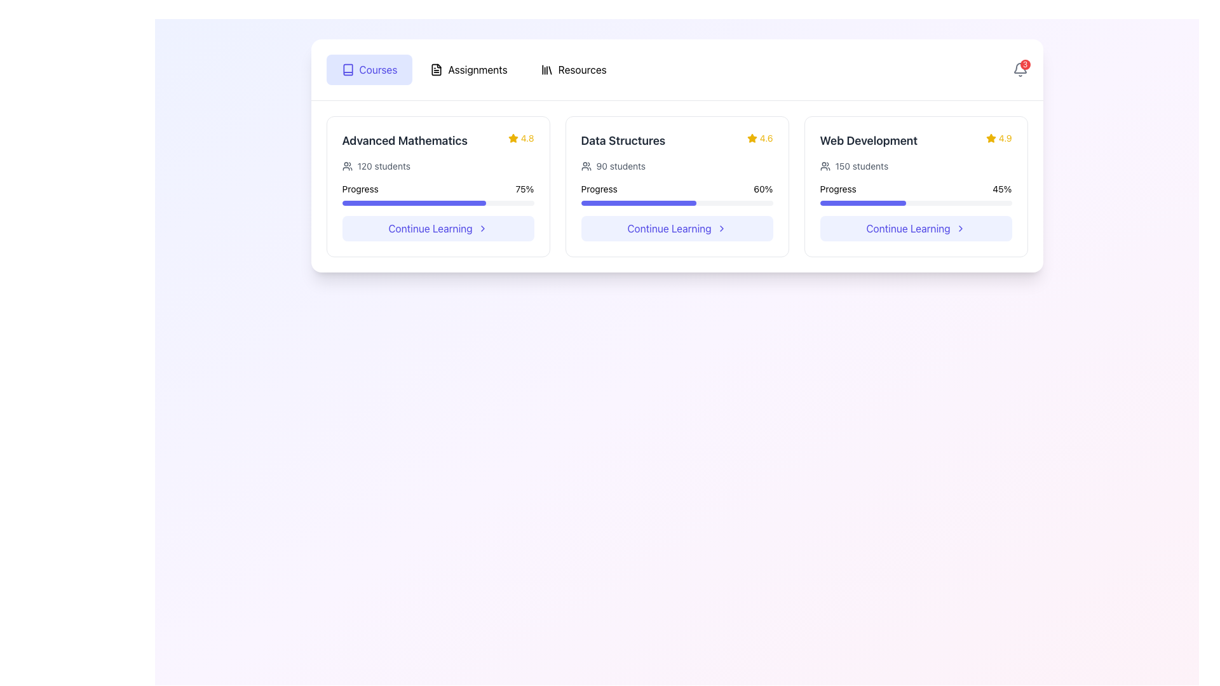 The width and height of the screenshot is (1220, 686). I want to click on the progress indicator segment that visually indicates a progress value of 75% within the larger progress bar located below the 'Advanced Mathematics' card in the dashboard interface, so click(414, 203).